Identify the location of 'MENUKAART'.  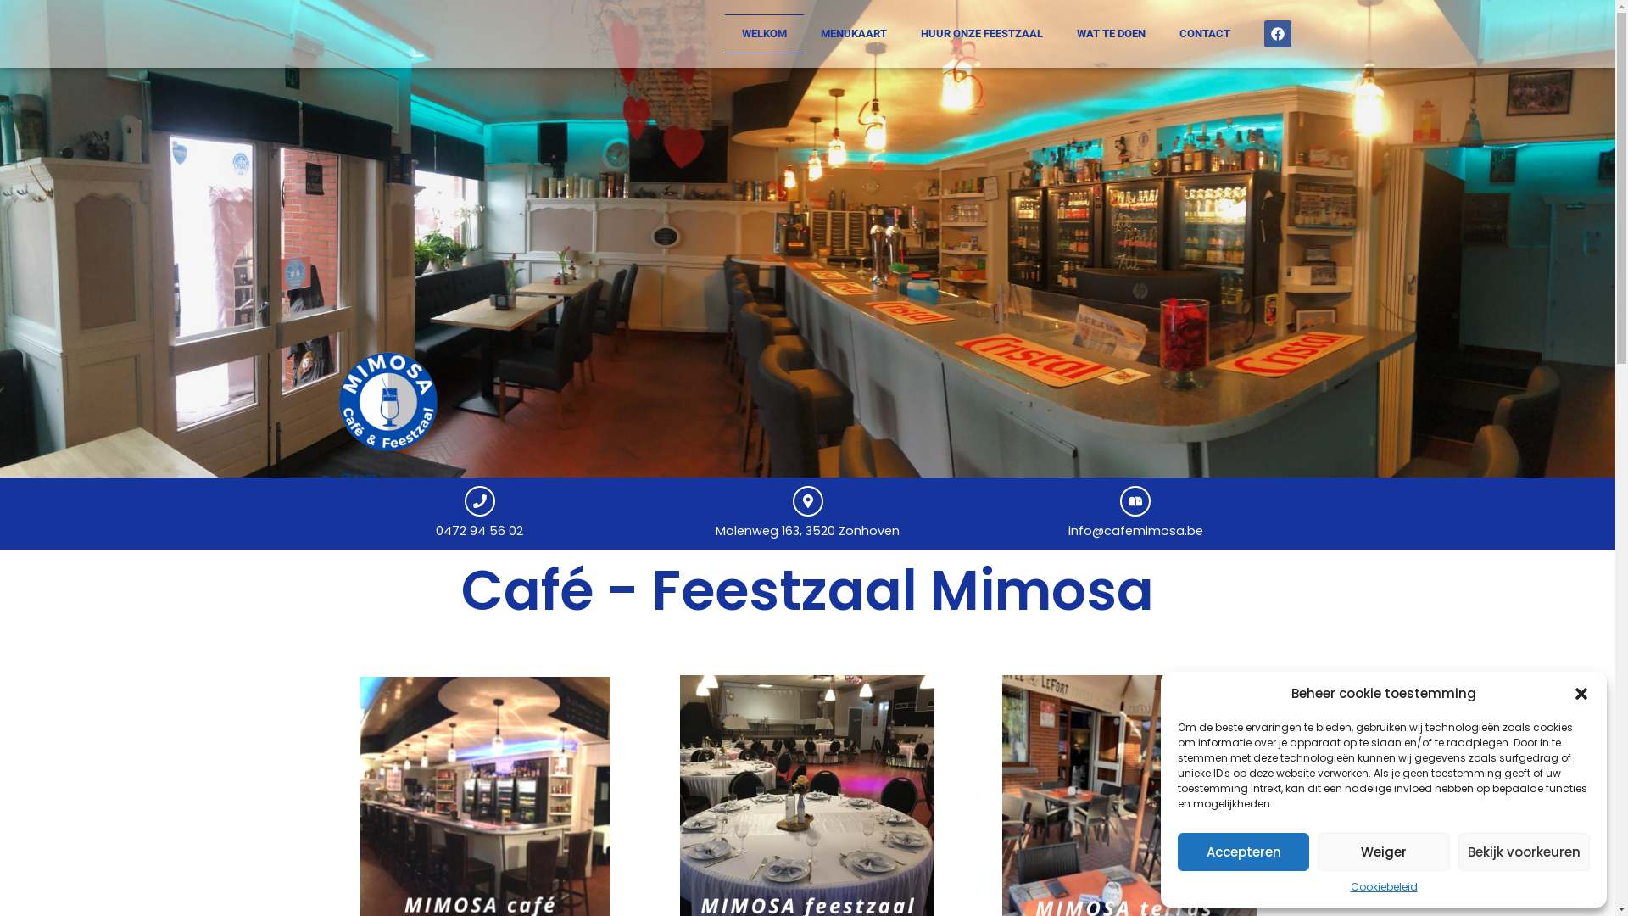
(803, 33).